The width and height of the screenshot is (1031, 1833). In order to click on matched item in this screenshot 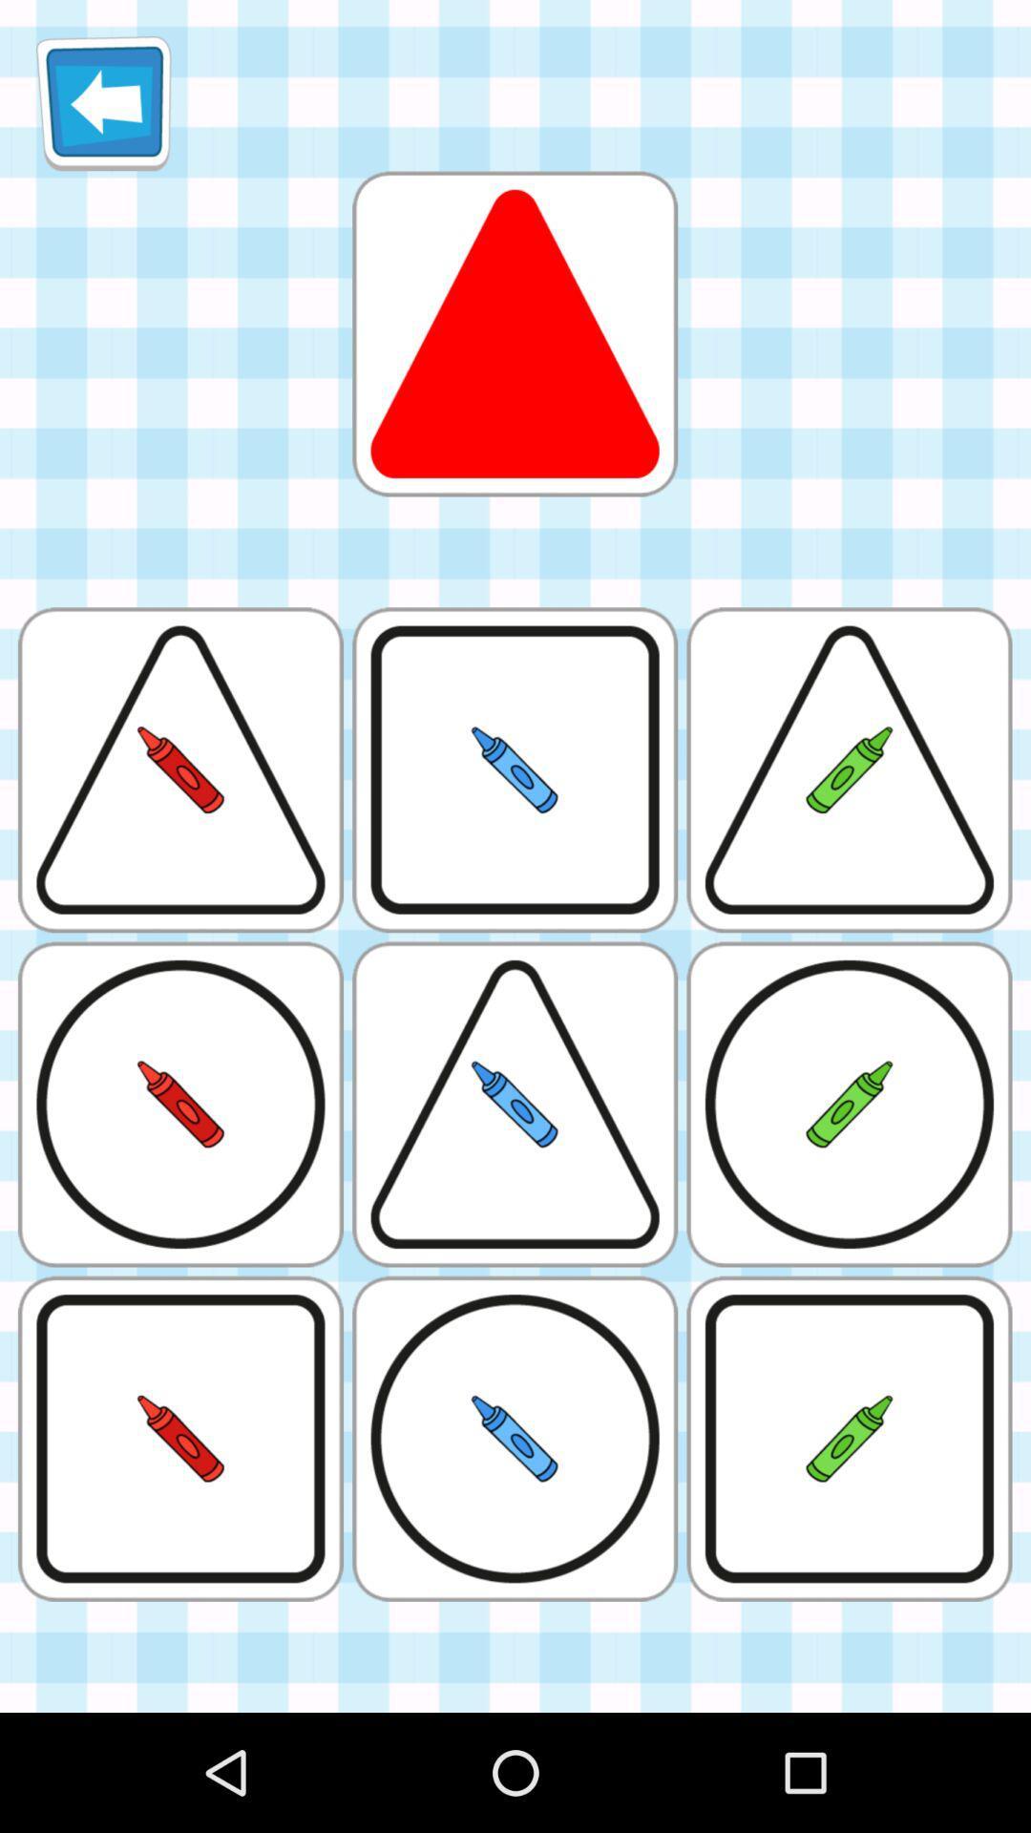, I will do `click(514, 333)`.